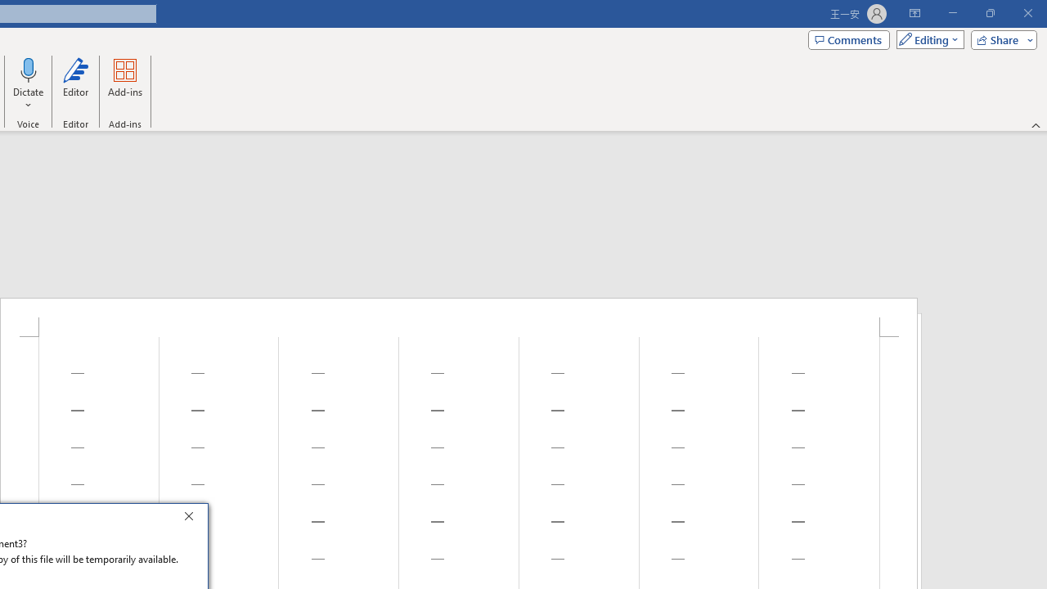  Describe the element at coordinates (29, 69) in the screenshot. I see `'Dictate'` at that location.